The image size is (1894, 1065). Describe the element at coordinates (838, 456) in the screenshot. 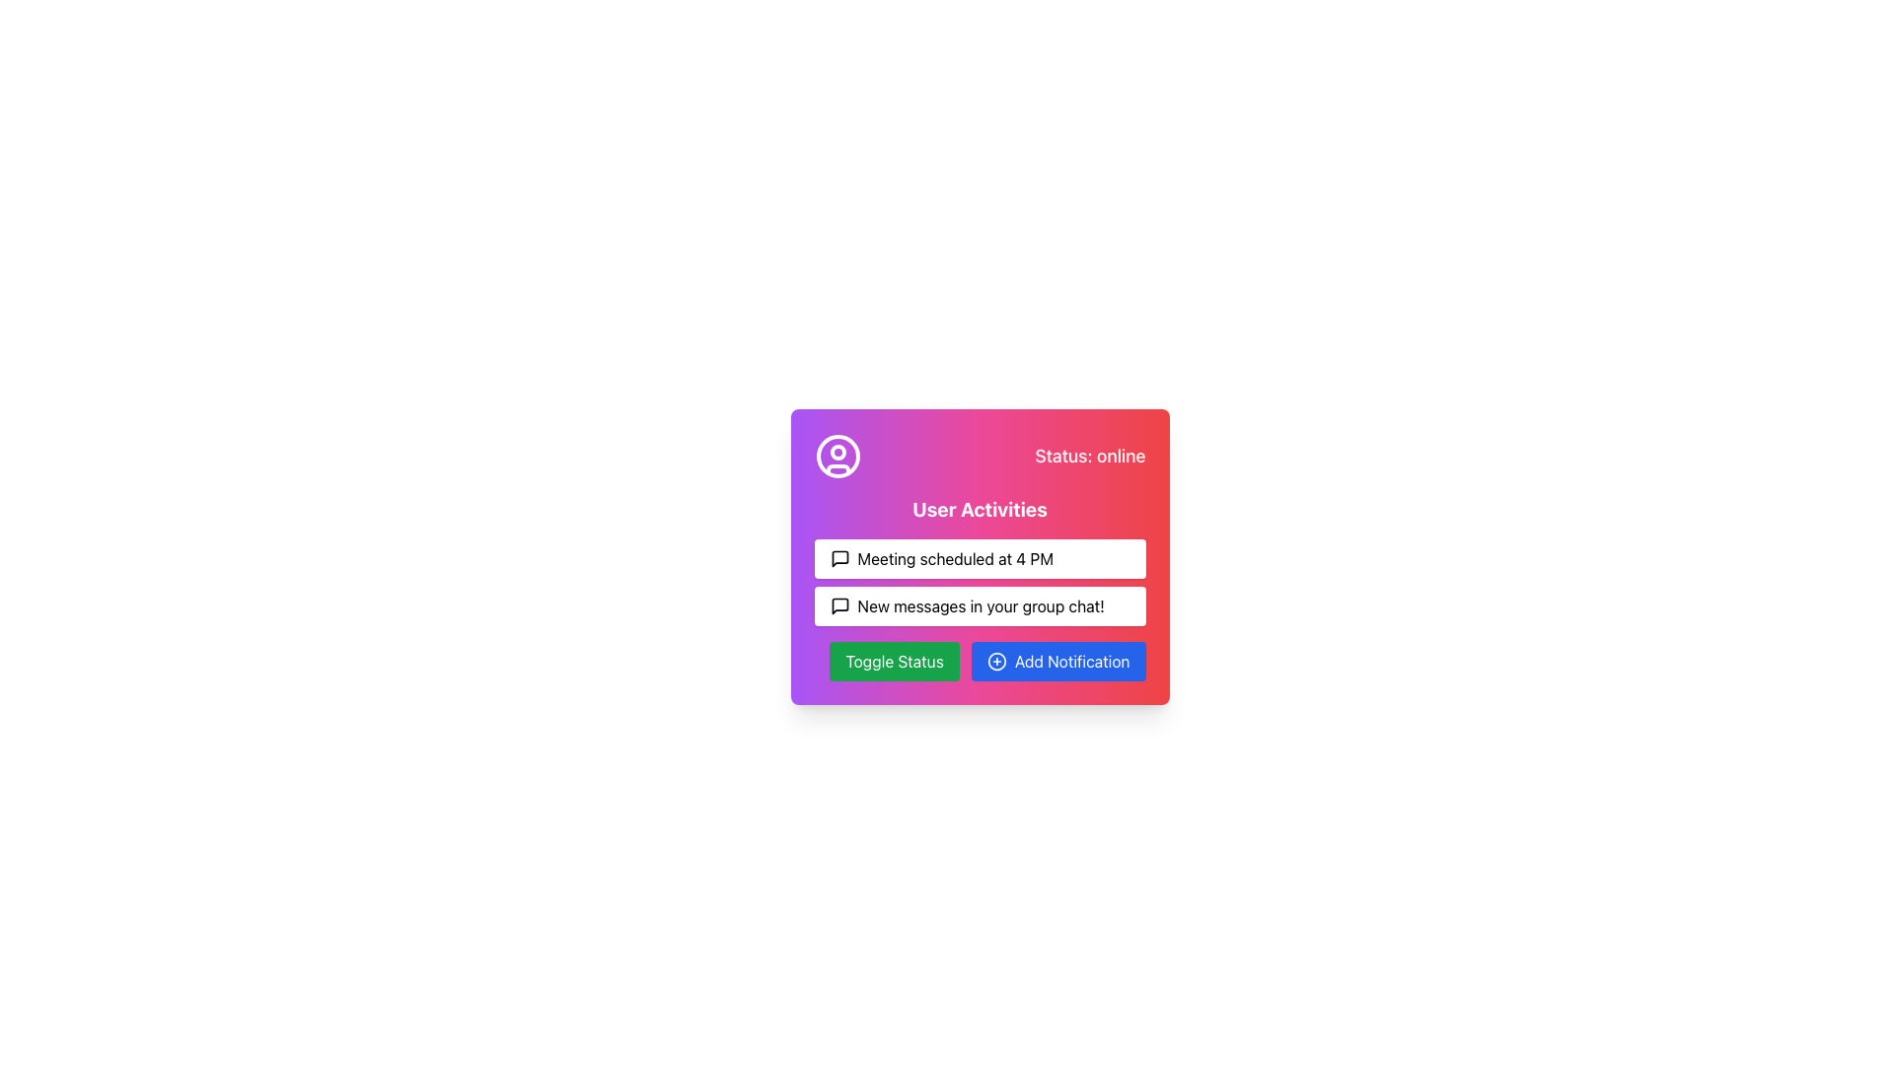

I see `the user profile icon located to the left of the 'Status: online' text in the header section of the user activities card` at that location.